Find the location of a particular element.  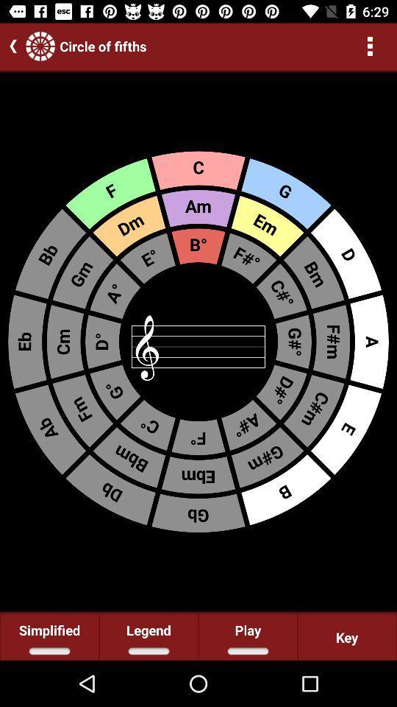

the national_flag icon is located at coordinates (40, 46).